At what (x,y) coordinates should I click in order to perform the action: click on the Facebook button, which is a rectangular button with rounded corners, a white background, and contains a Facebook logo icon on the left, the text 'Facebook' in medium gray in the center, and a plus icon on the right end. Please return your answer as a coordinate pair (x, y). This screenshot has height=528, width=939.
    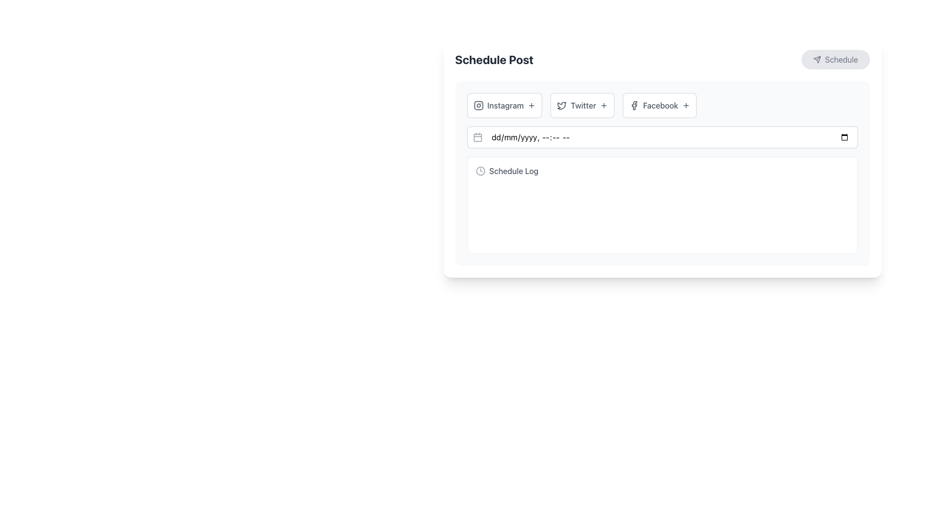
    Looking at the image, I should click on (659, 106).